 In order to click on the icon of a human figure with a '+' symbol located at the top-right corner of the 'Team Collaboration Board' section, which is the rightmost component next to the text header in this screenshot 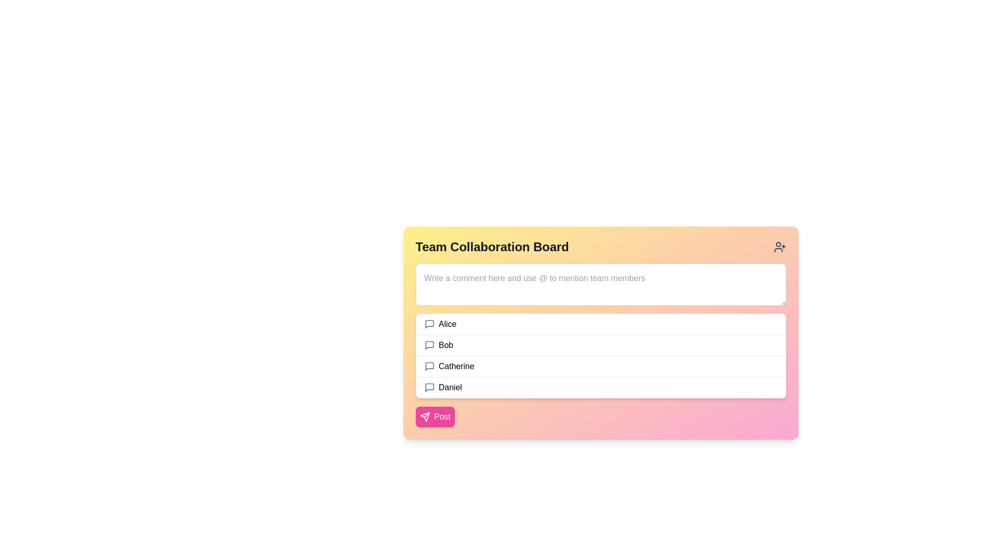, I will do `click(780, 247)`.